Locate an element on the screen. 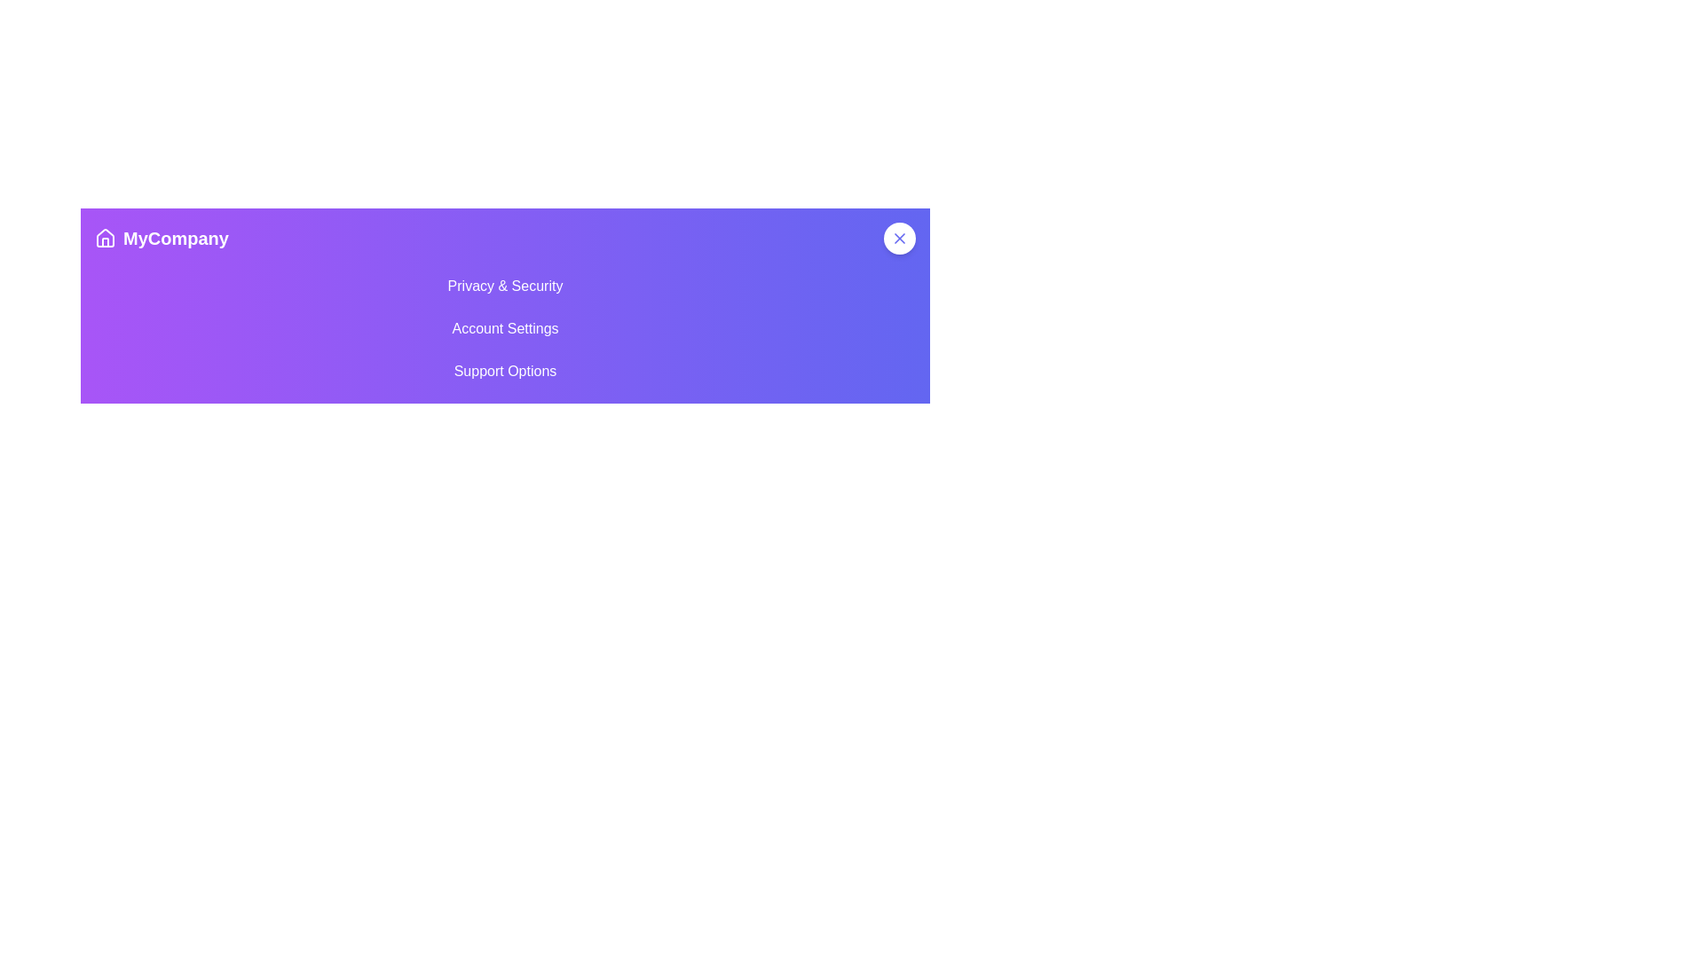  the close button located on the right-upper corner of the interface, within the gradient header section, next to the text navigation options is located at coordinates (899, 238).